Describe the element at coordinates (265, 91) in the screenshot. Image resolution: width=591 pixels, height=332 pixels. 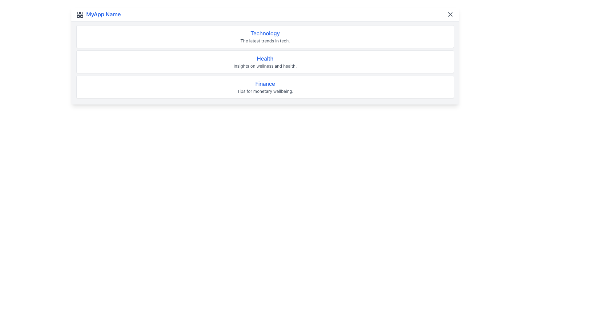
I see `message from the Text Label located below the 'Finance' title, which provides additional descriptive information` at that location.